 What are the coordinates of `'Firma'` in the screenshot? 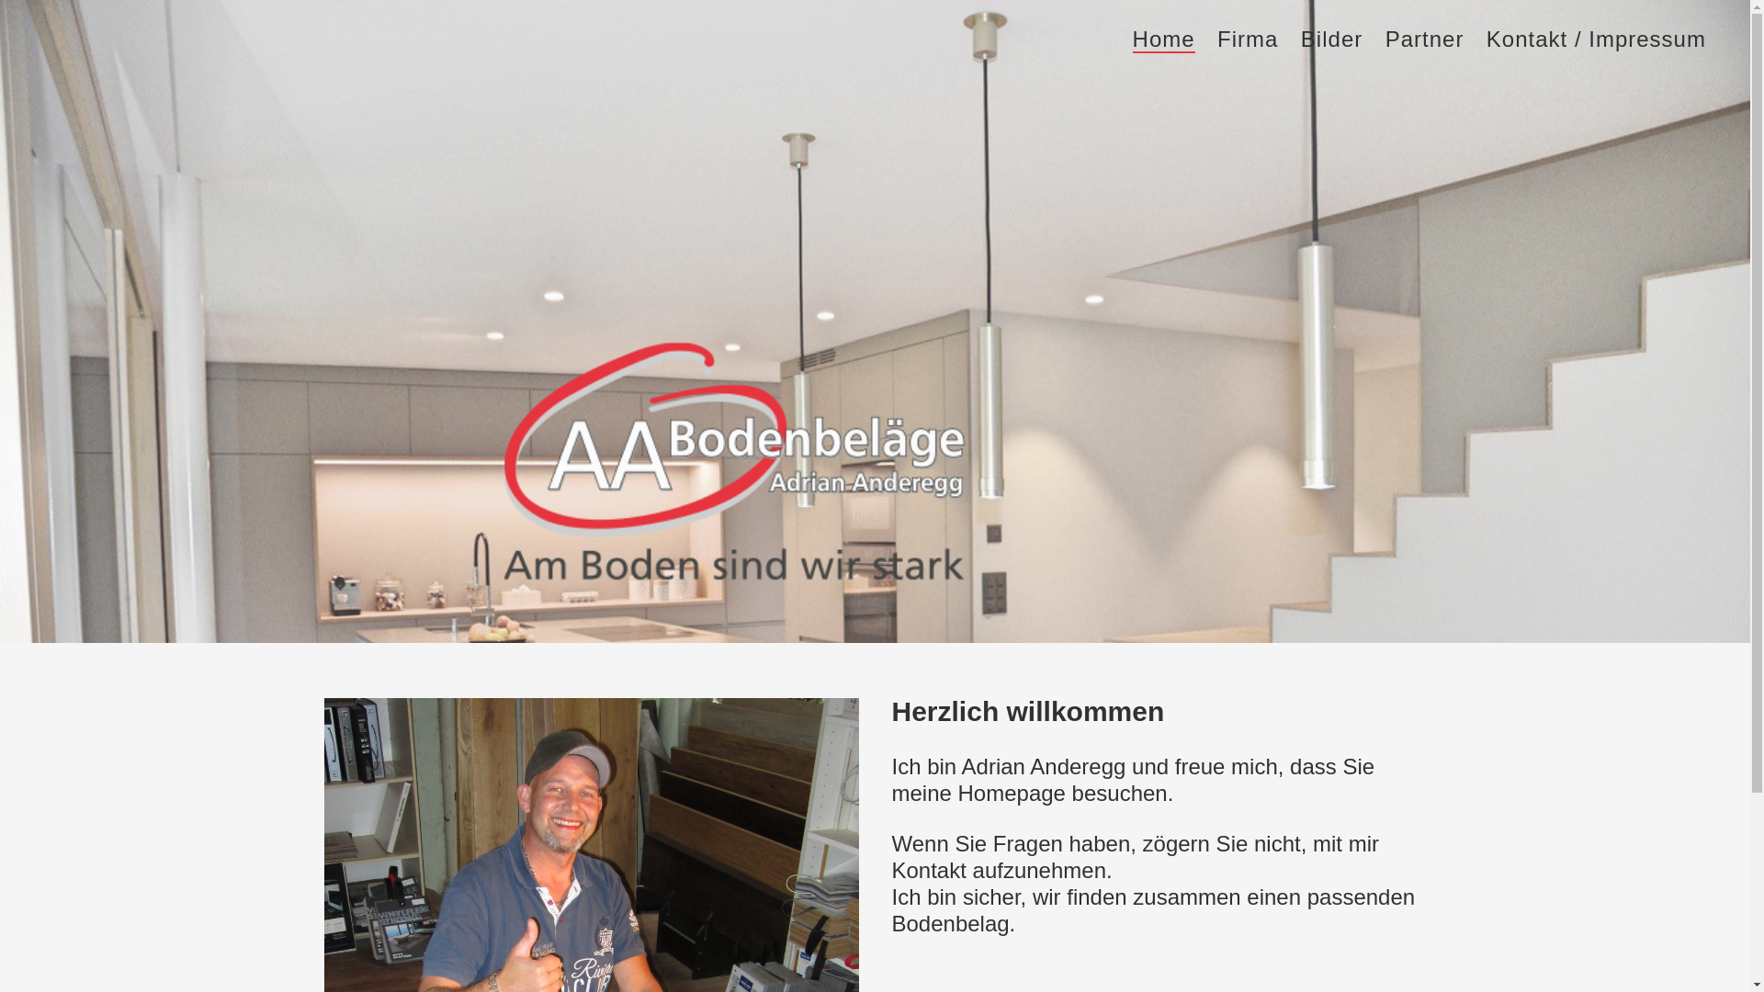 It's located at (1216, 39).